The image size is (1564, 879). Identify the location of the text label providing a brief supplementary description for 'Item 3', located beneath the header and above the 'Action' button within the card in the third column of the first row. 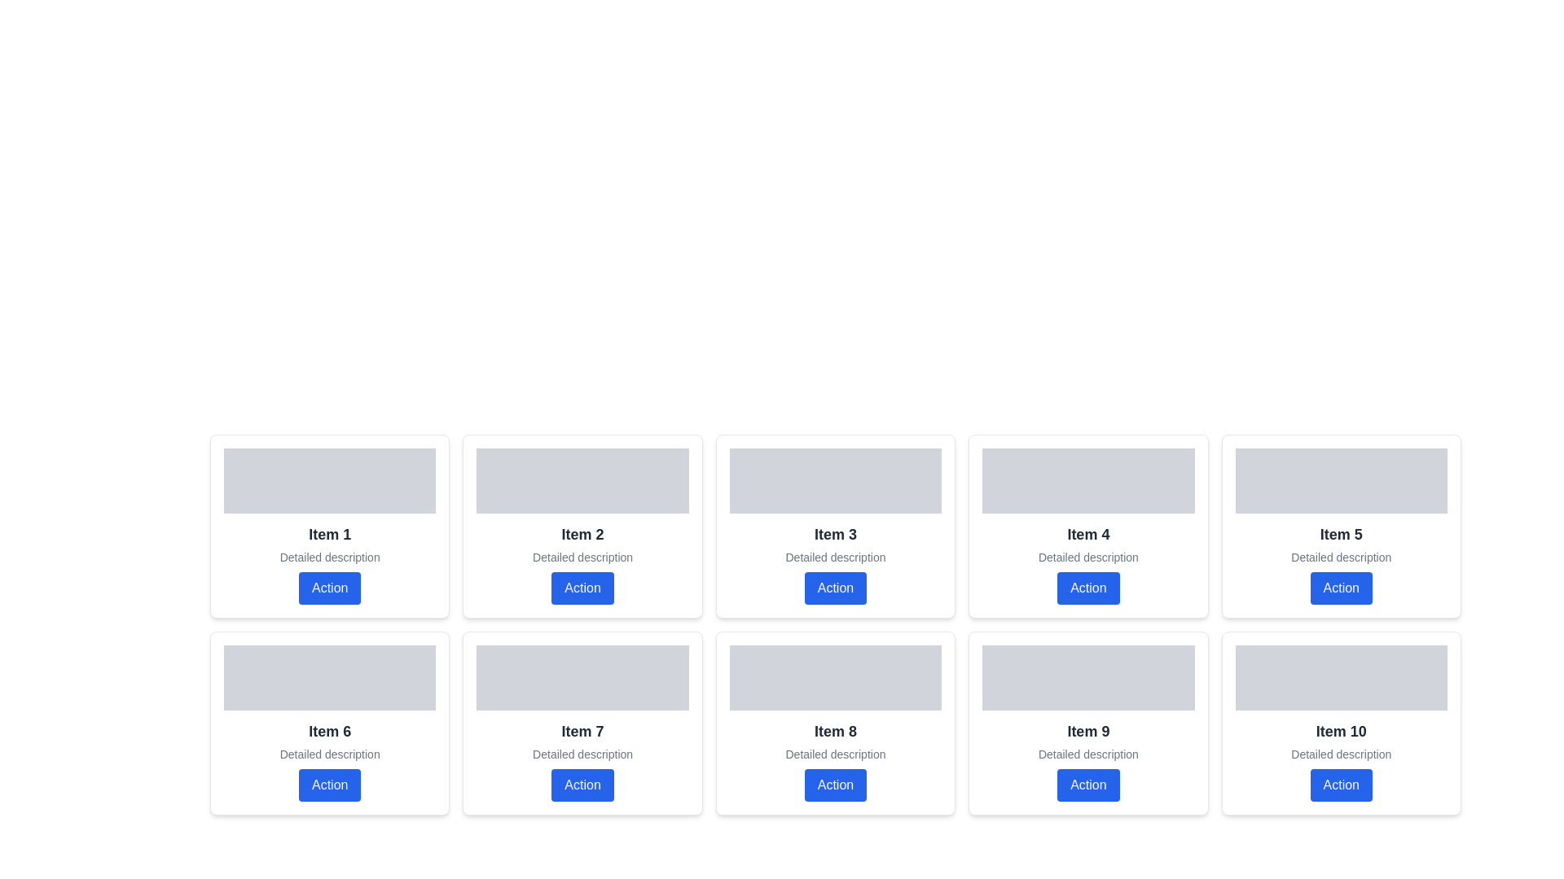
(836, 557).